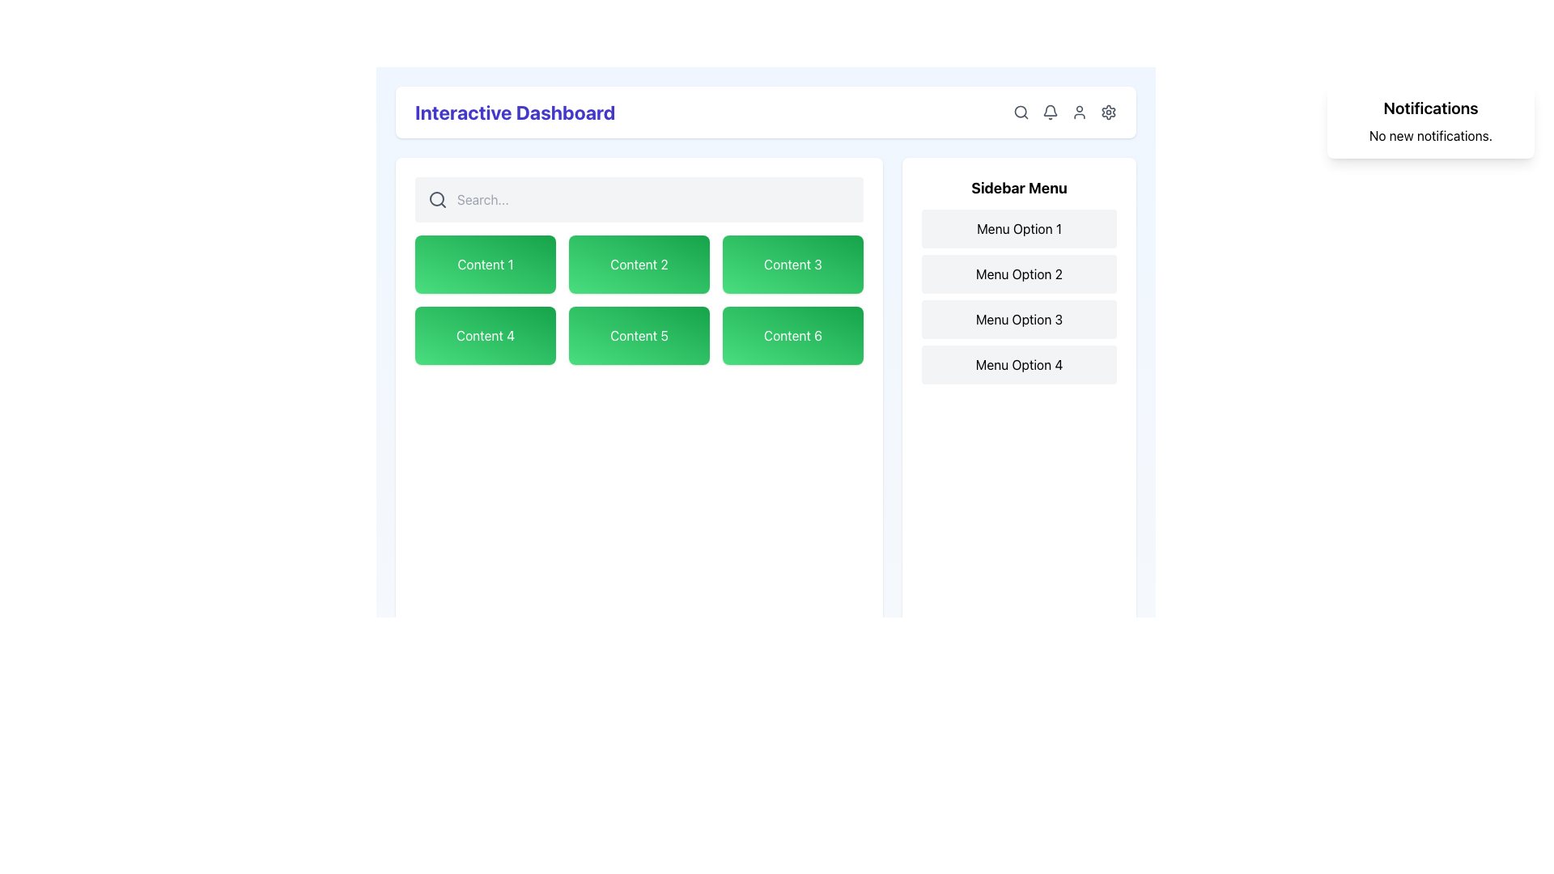  What do you see at coordinates (1018, 274) in the screenshot?
I see `the 'Menu Option 2' button in the Sidebar Menu to observe its hover effects` at bounding box center [1018, 274].